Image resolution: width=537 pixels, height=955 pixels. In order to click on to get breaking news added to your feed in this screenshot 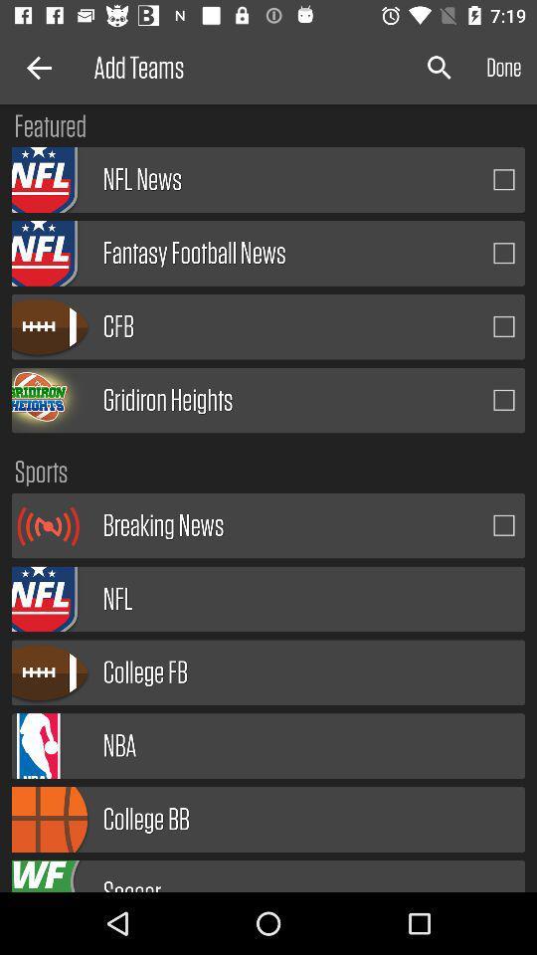, I will do `click(504, 524)`.